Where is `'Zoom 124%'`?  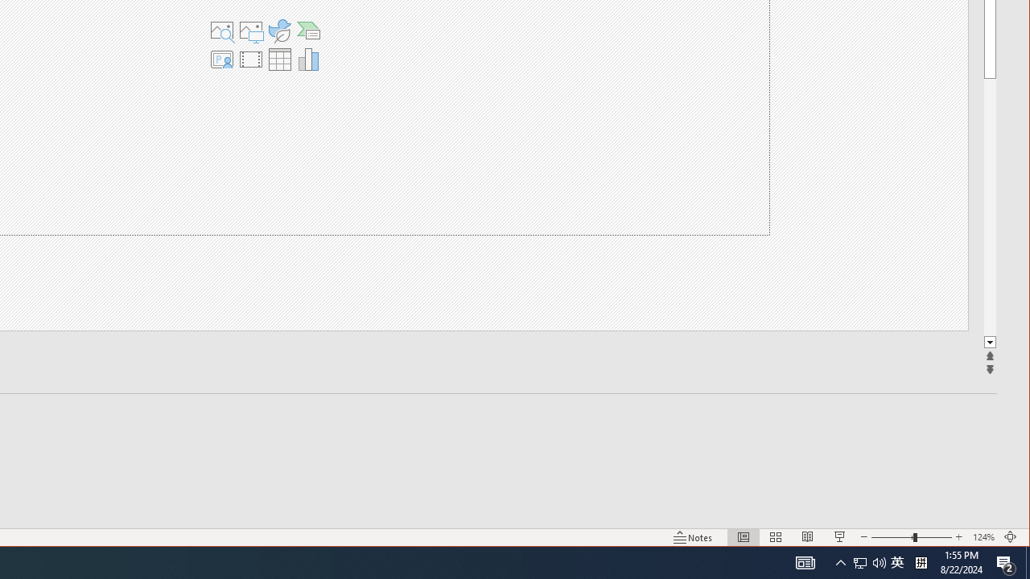 'Zoom 124%' is located at coordinates (983, 537).